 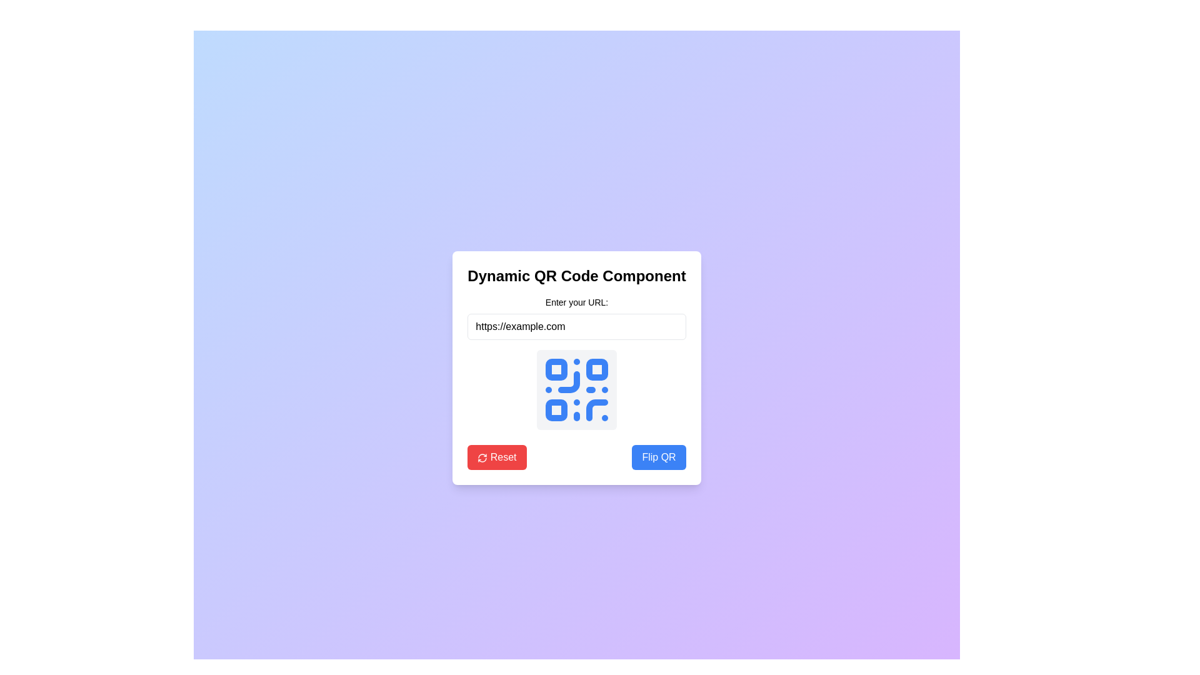 What do you see at coordinates (556, 410) in the screenshot?
I see `the decorative graphical element, which is the third square in the QR code's grid layout located at the bottom left of the QR code` at bounding box center [556, 410].